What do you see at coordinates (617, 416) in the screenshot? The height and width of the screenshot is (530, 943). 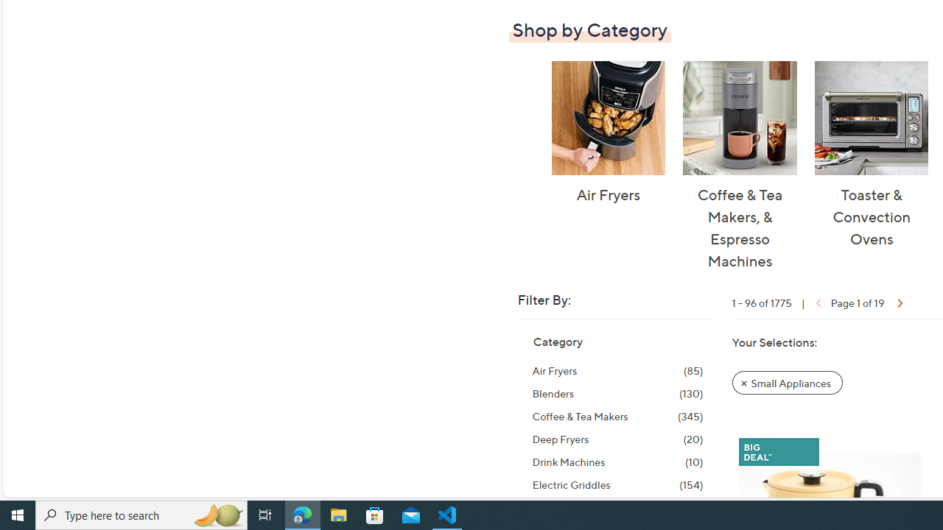 I see `'Coffee & Tea Makers, 345 items'` at bounding box center [617, 416].